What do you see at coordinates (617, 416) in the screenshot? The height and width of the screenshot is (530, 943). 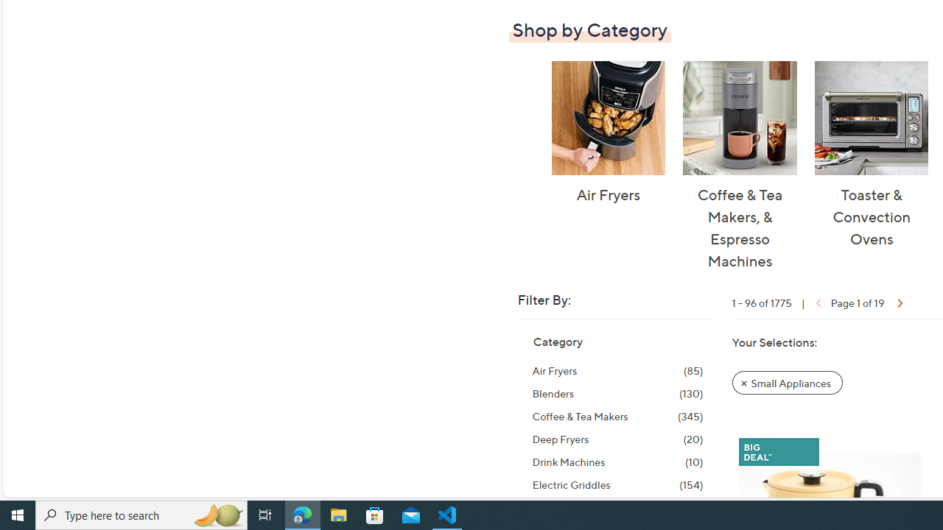 I see `'Coffee & Tea Makers, 345 items'` at bounding box center [617, 416].